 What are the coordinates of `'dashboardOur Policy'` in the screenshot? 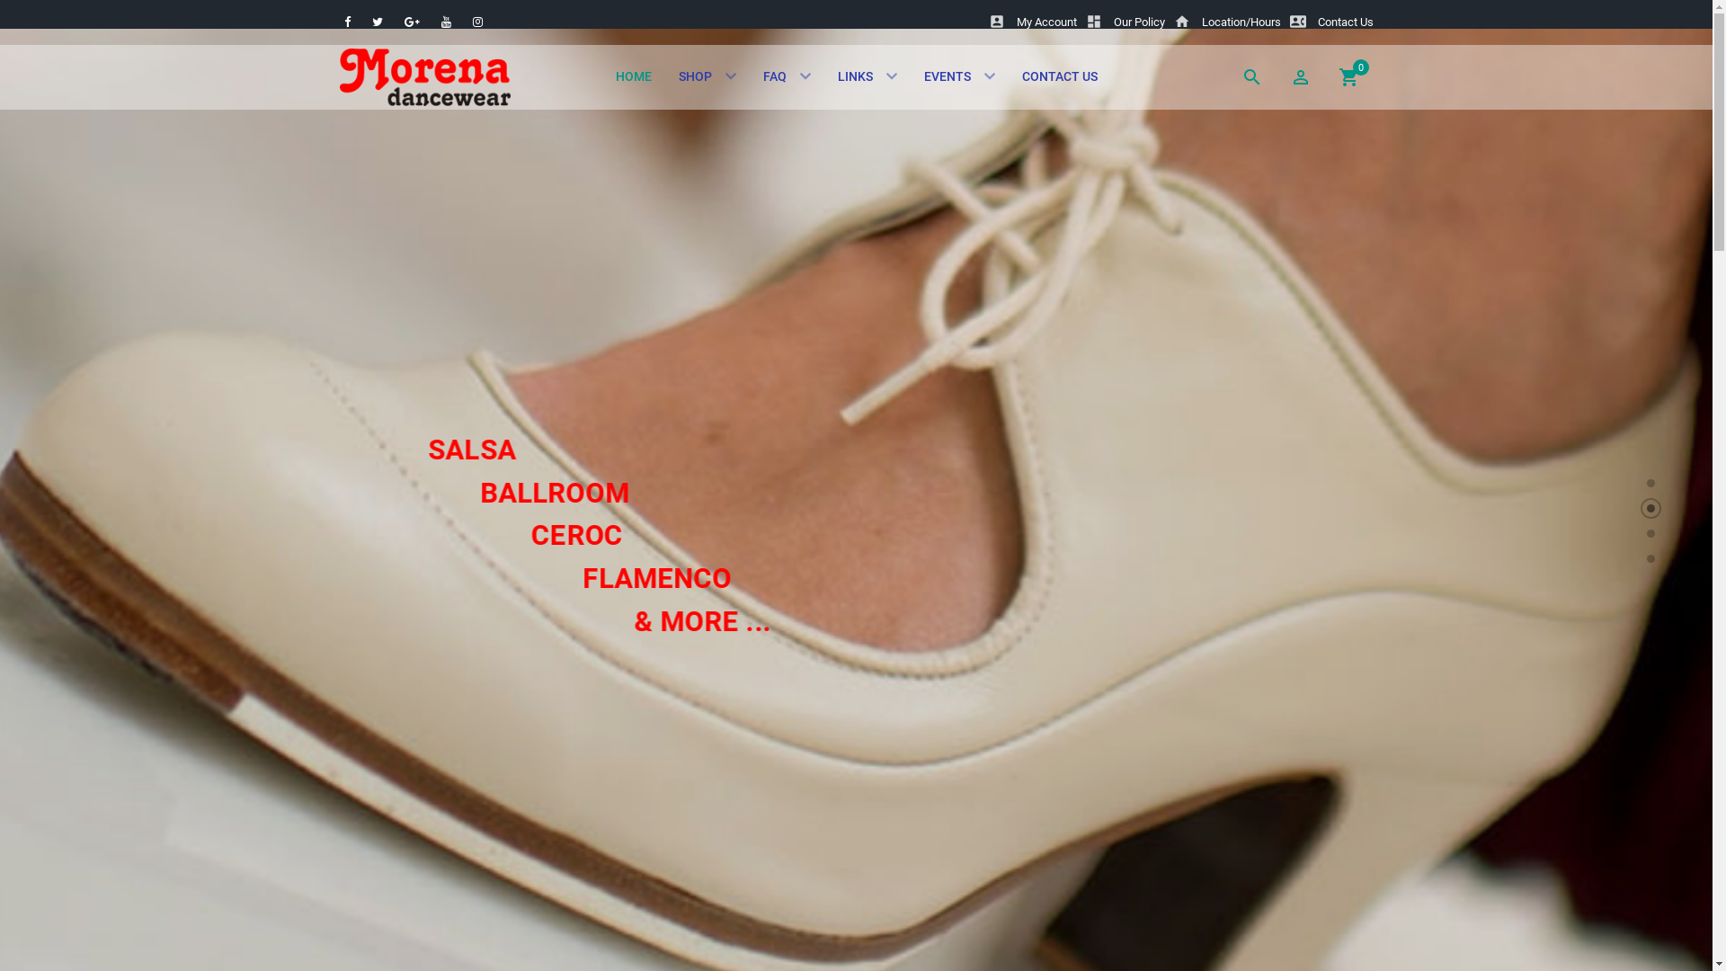 It's located at (1085, 22).